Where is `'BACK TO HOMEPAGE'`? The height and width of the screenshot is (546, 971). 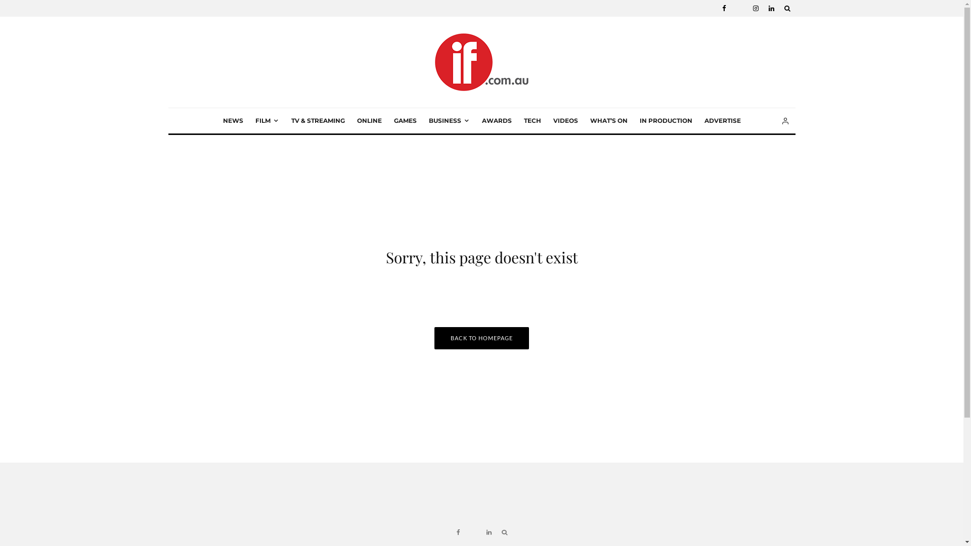 'BACK TO HOMEPAGE' is located at coordinates (434, 338).